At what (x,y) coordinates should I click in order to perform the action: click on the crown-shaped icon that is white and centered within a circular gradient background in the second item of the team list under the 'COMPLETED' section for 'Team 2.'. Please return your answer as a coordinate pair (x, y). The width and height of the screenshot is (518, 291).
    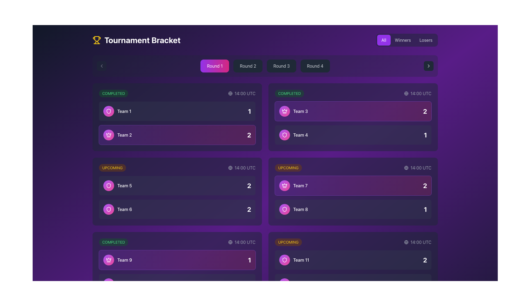
    Looking at the image, I should click on (108, 135).